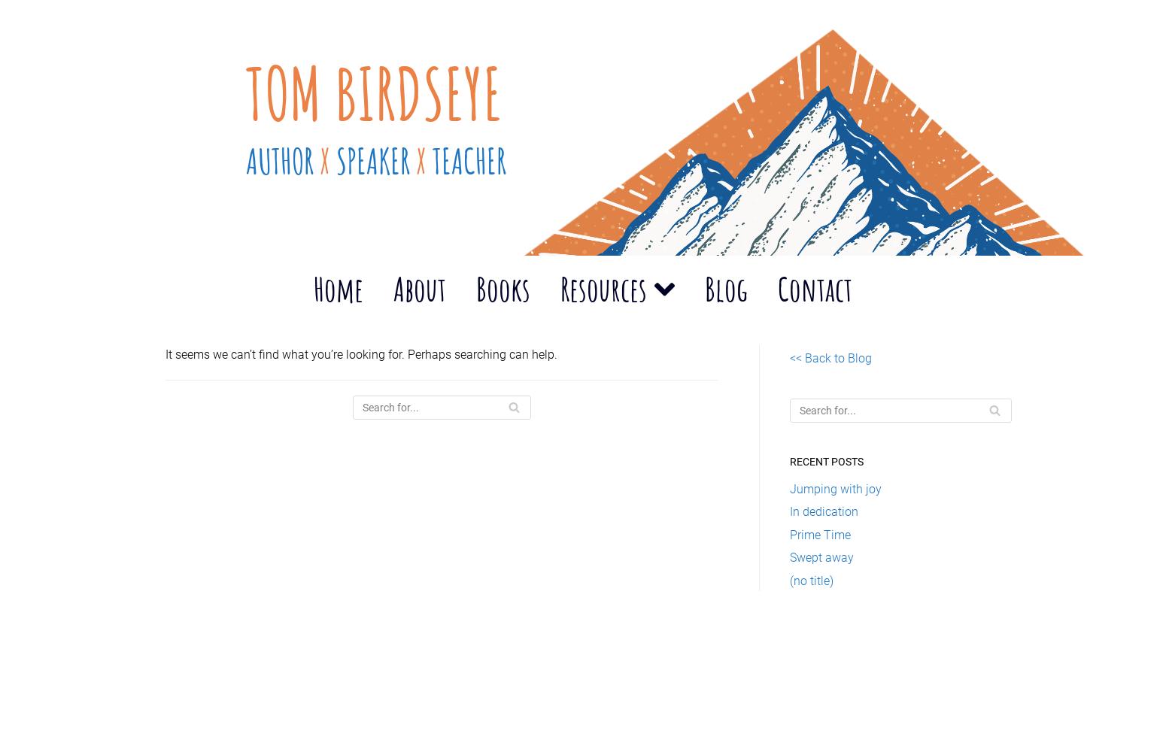  What do you see at coordinates (603, 288) in the screenshot?
I see `'Resources'` at bounding box center [603, 288].